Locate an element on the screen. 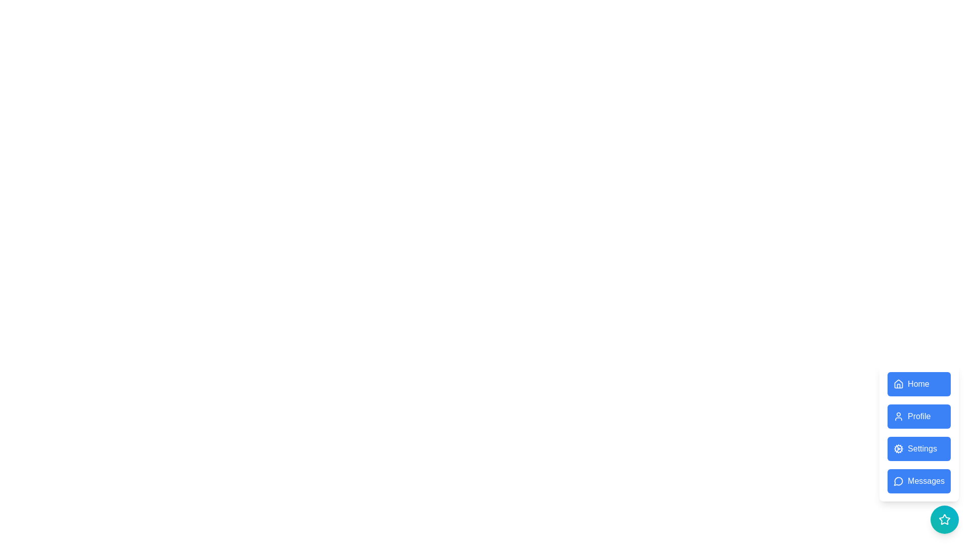 This screenshot has height=546, width=971. the circular messaging icon resembling a speech bubble with a notification badge located in the vertical navigation menu adjacent to the 'Messages' option is located at coordinates (898, 481).